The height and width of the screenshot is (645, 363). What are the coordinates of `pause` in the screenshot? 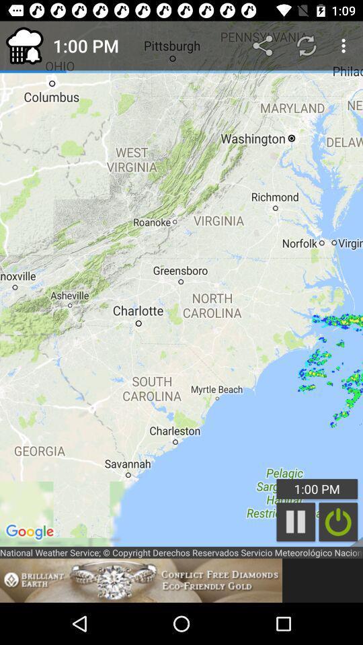 It's located at (337, 521).